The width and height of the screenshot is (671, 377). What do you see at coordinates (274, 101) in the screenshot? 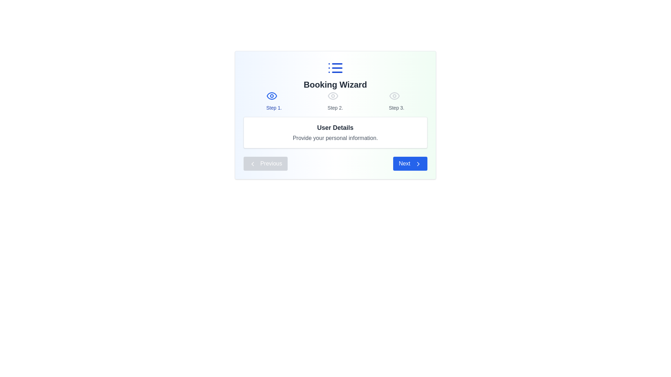
I see `the first step icon in the Booking Wizard, which visually indicates the initial stage of a multistep process` at bounding box center [274, 101].